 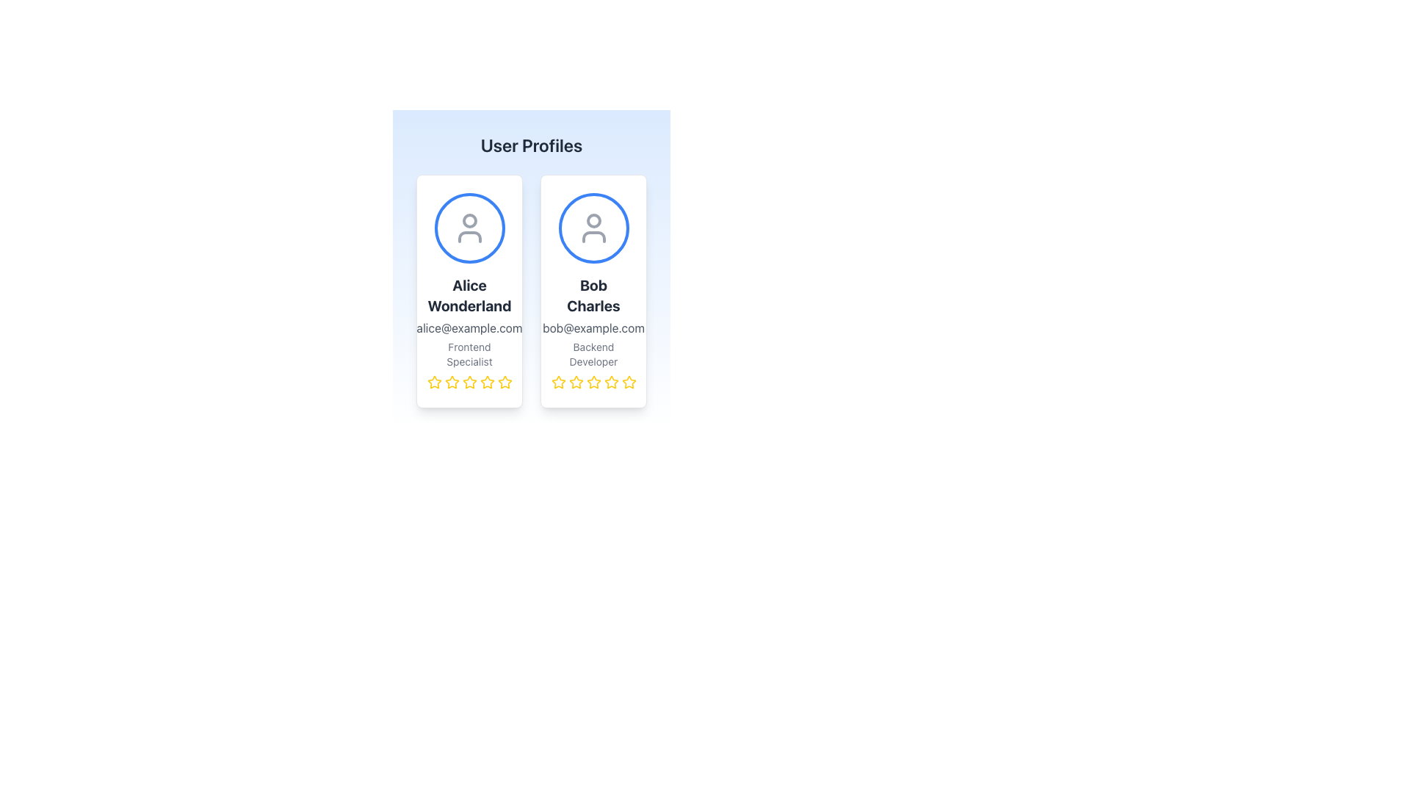 I want to click on the fourth star icon in the rating system below Alice Wonderland's profile, so click(x=469, y=381).